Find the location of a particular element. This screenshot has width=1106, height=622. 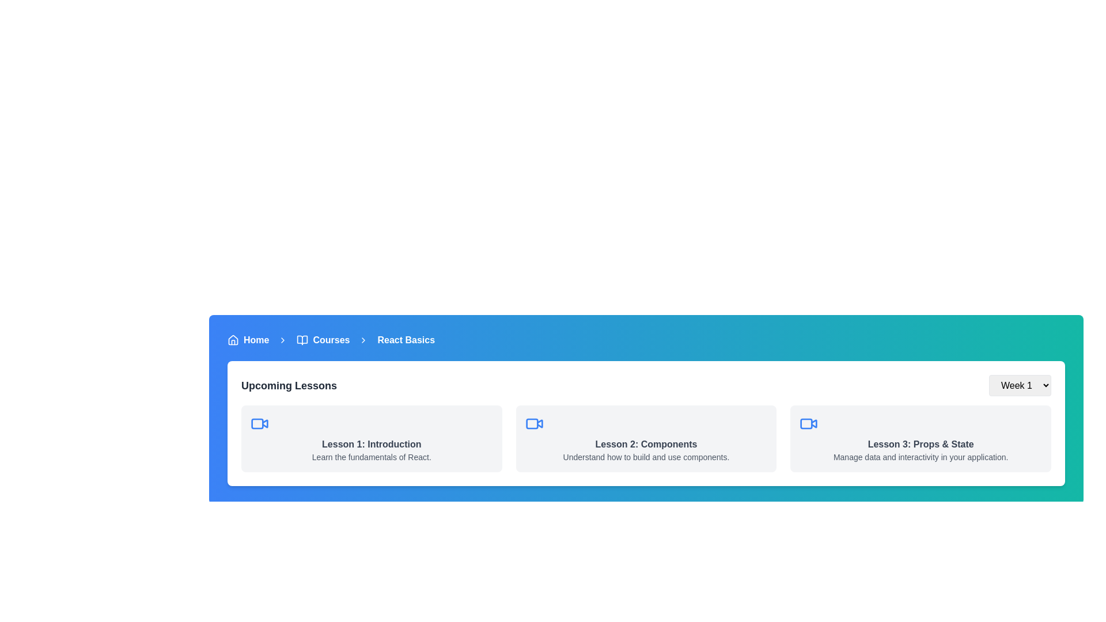

text content of the breadcrumb navigation label that indicates the current section, following the 'Courses' label, specifically the 'React Basics' section is located at coordinates (406, 339).